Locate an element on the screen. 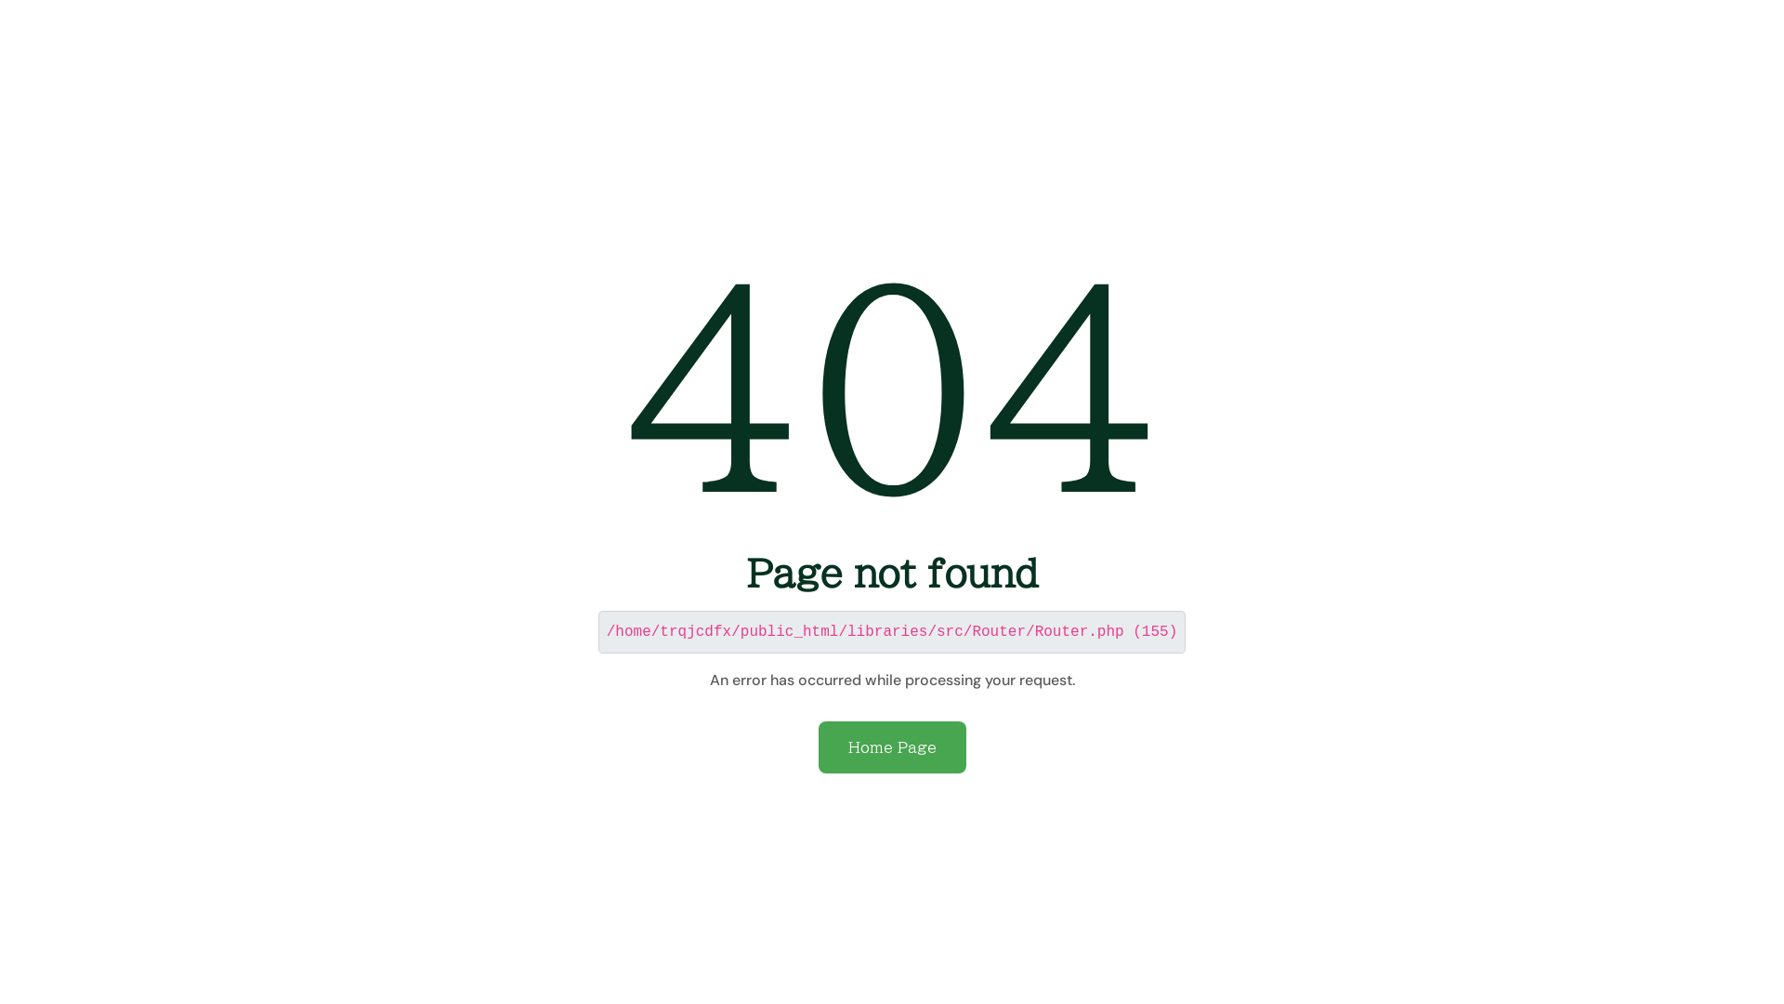  'Home Page' is located at coordinates (890, 746).